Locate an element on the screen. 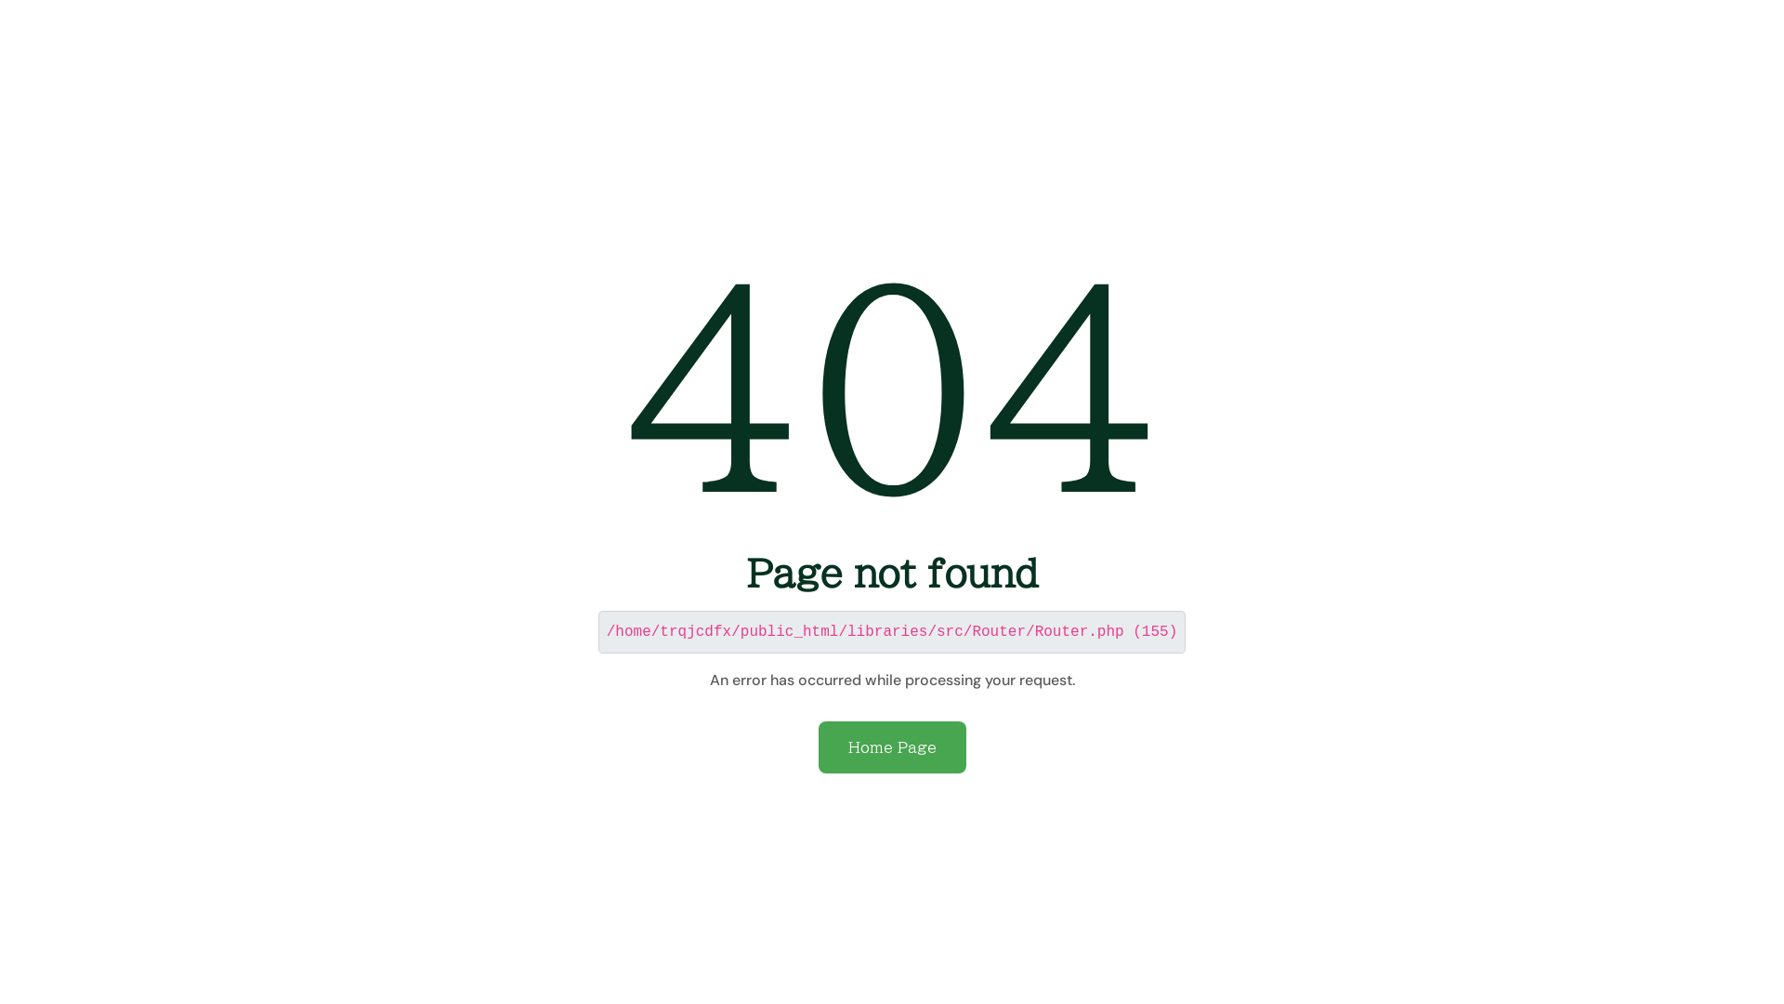  'Home Page' is located at coordinates (890, 746).